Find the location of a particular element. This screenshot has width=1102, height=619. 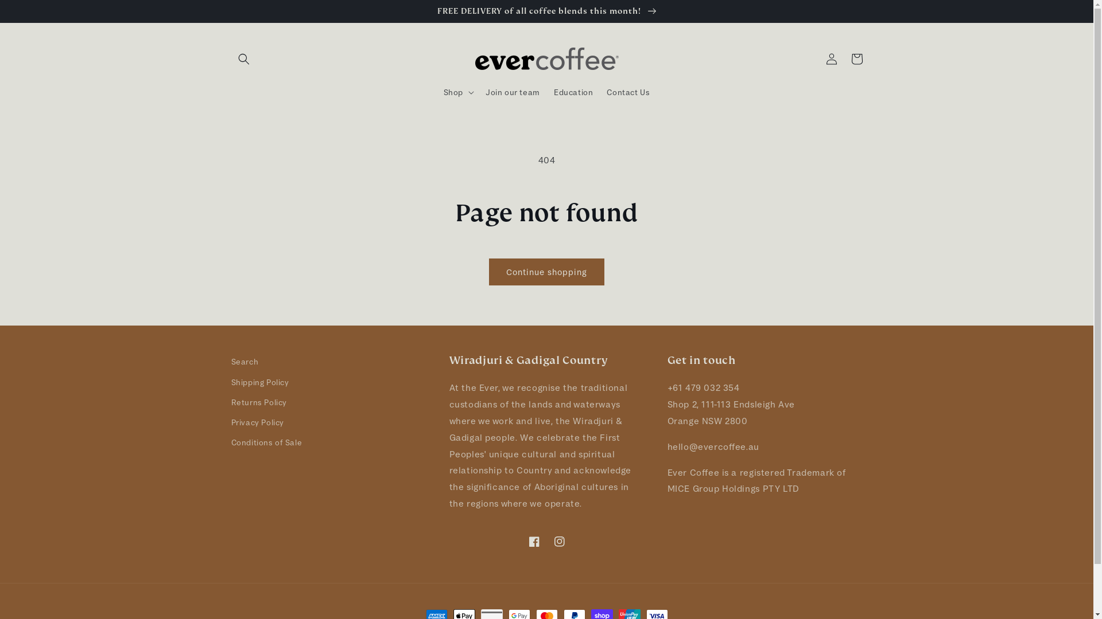

'Search' is located at coordinates (244, 363).